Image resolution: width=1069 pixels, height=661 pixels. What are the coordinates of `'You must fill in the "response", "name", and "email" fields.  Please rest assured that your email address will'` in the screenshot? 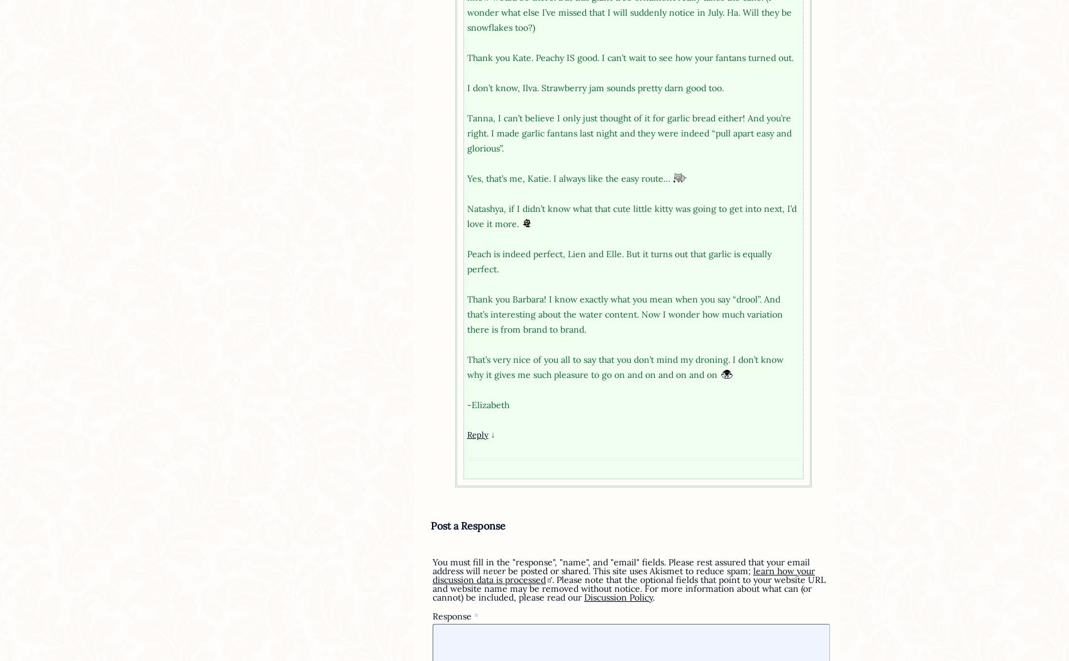 It's located at (620, 567).